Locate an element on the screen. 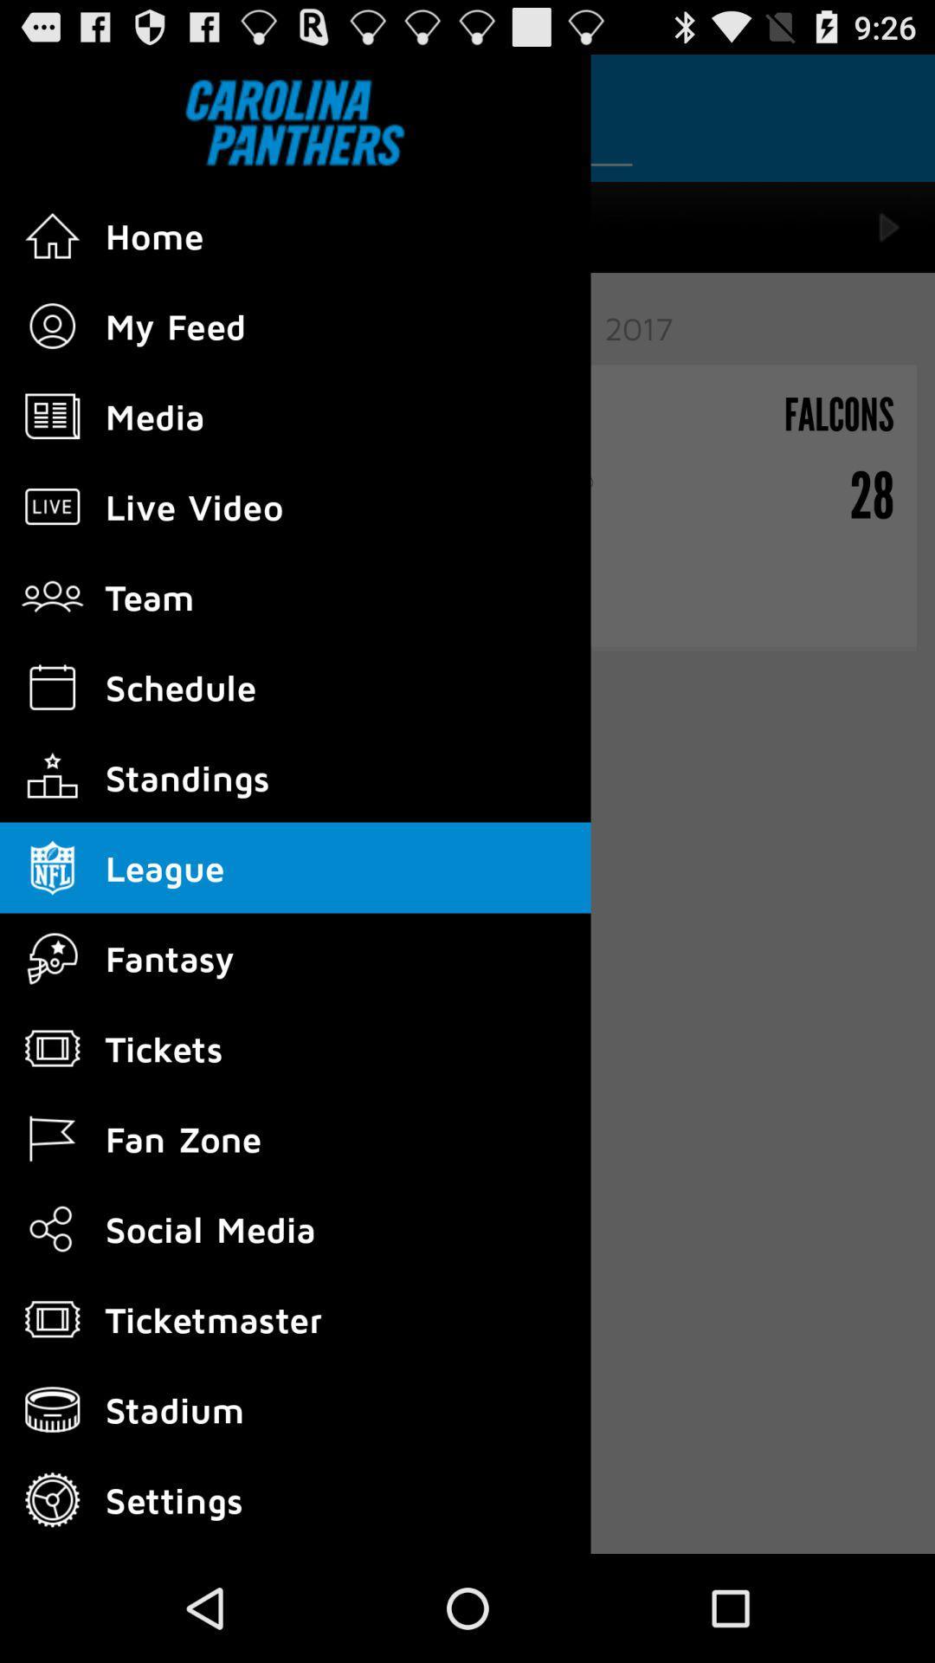 The image size is (935, 1663). the stadium icon next to stadium is located at coordinates (52, 1409).